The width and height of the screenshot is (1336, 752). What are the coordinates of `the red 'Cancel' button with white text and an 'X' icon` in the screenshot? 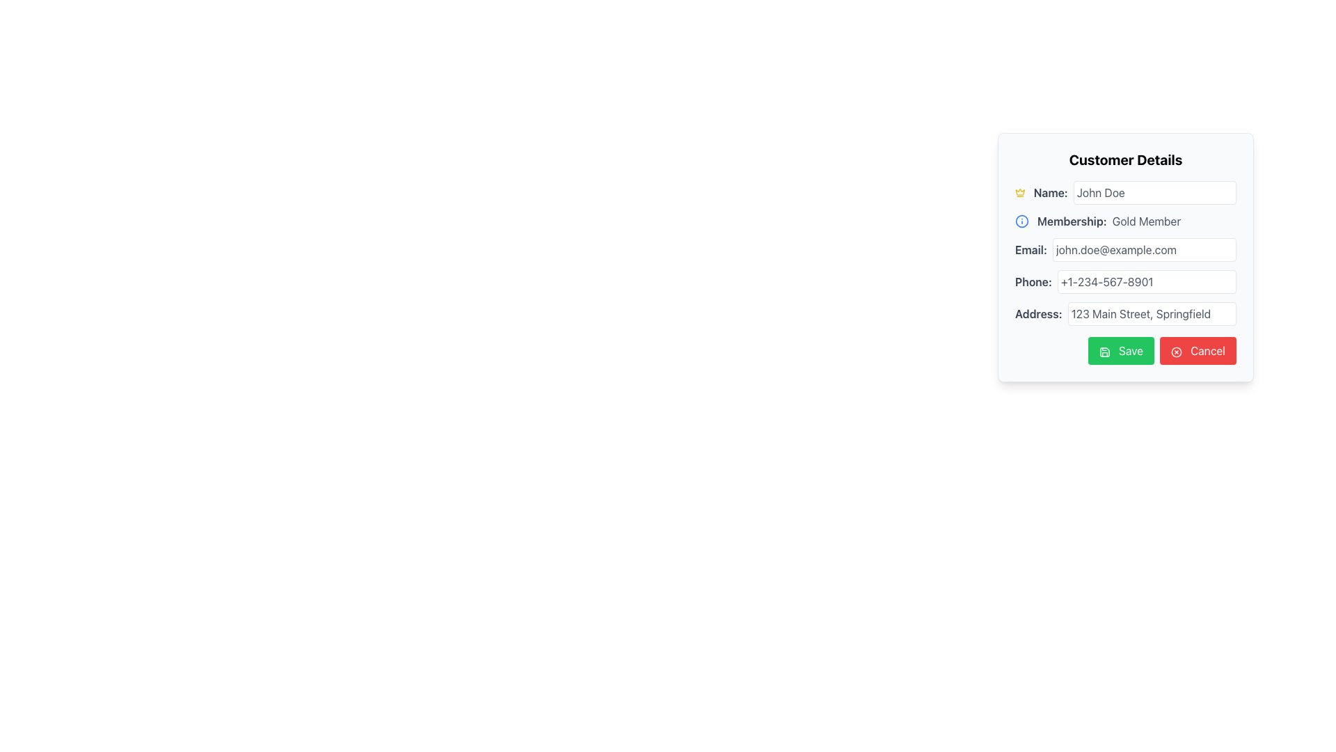 It's located at (1198, 350).